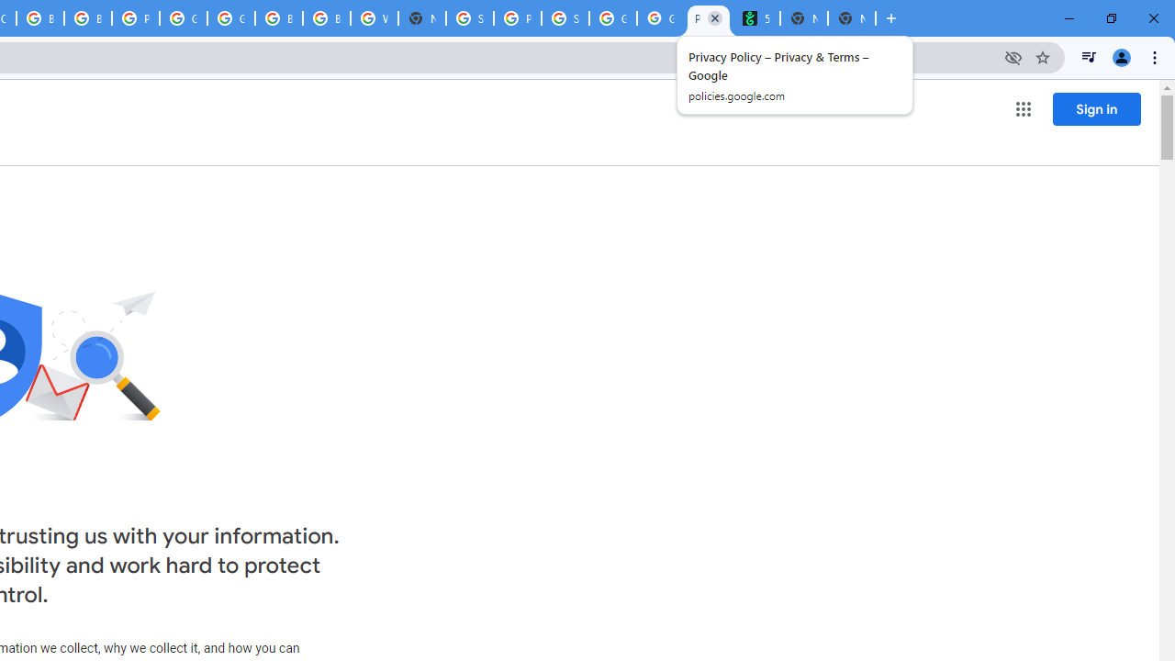 The height and width of the screenshot is (661, 1175). Describe the element at coordinates (851, 18) in the screenshot. I see `'New Tab'` at that location.